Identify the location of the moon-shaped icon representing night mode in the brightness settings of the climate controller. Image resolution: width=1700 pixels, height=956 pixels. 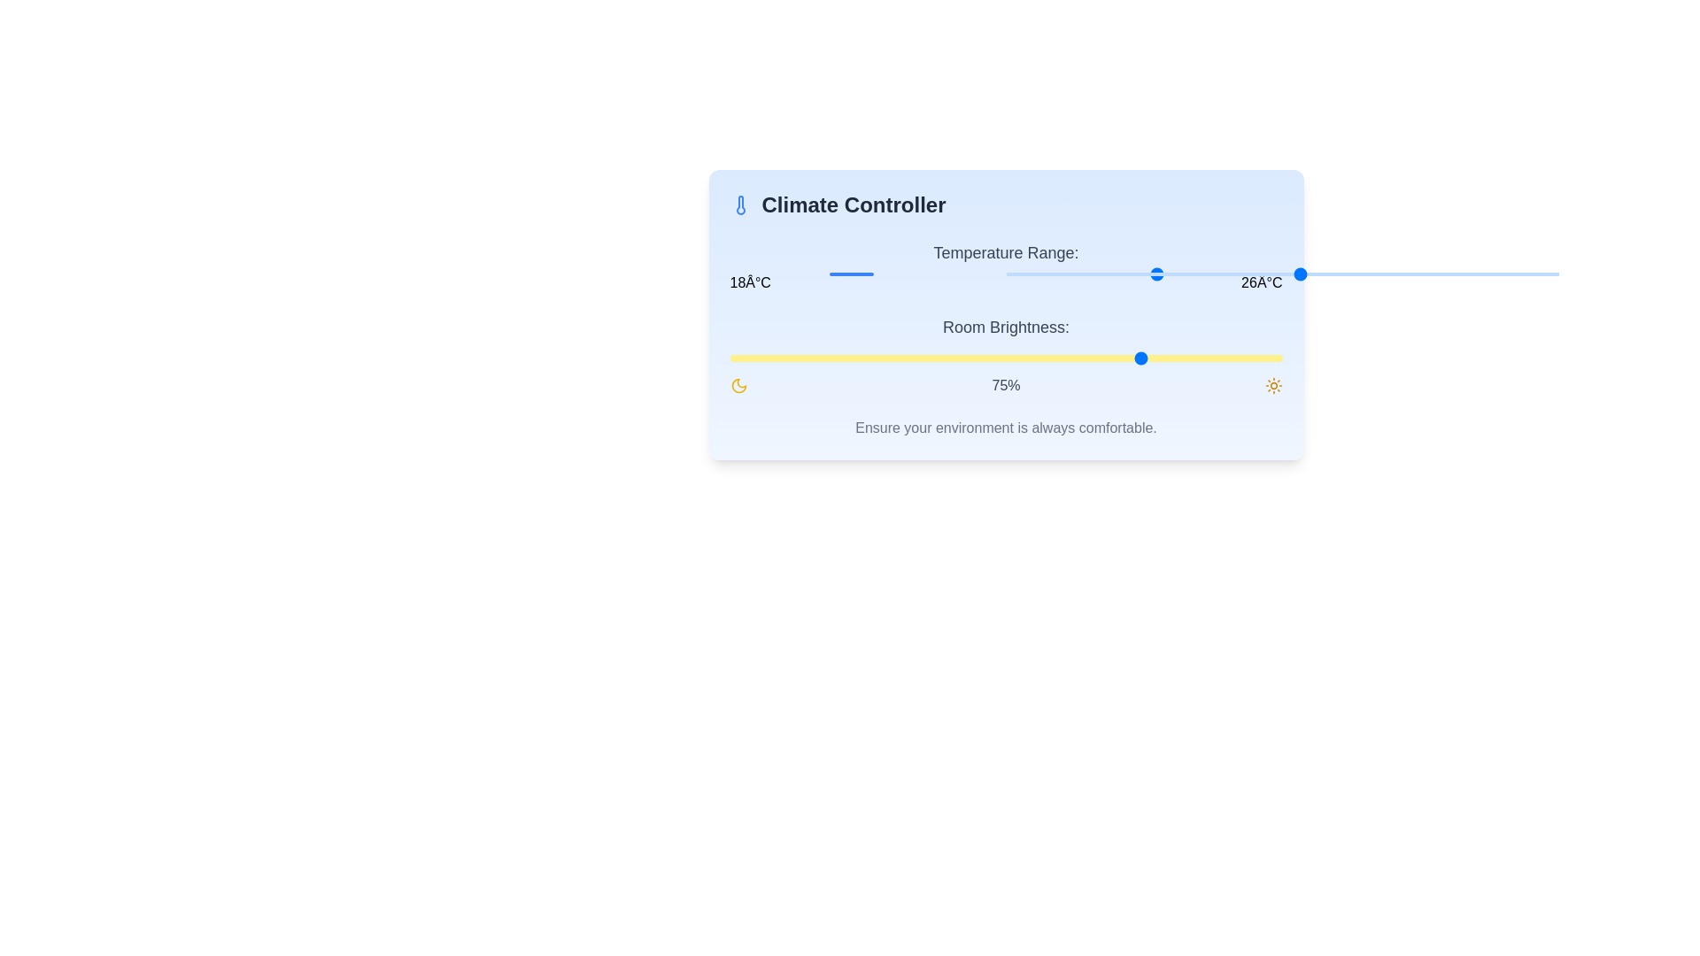
(738, 384).